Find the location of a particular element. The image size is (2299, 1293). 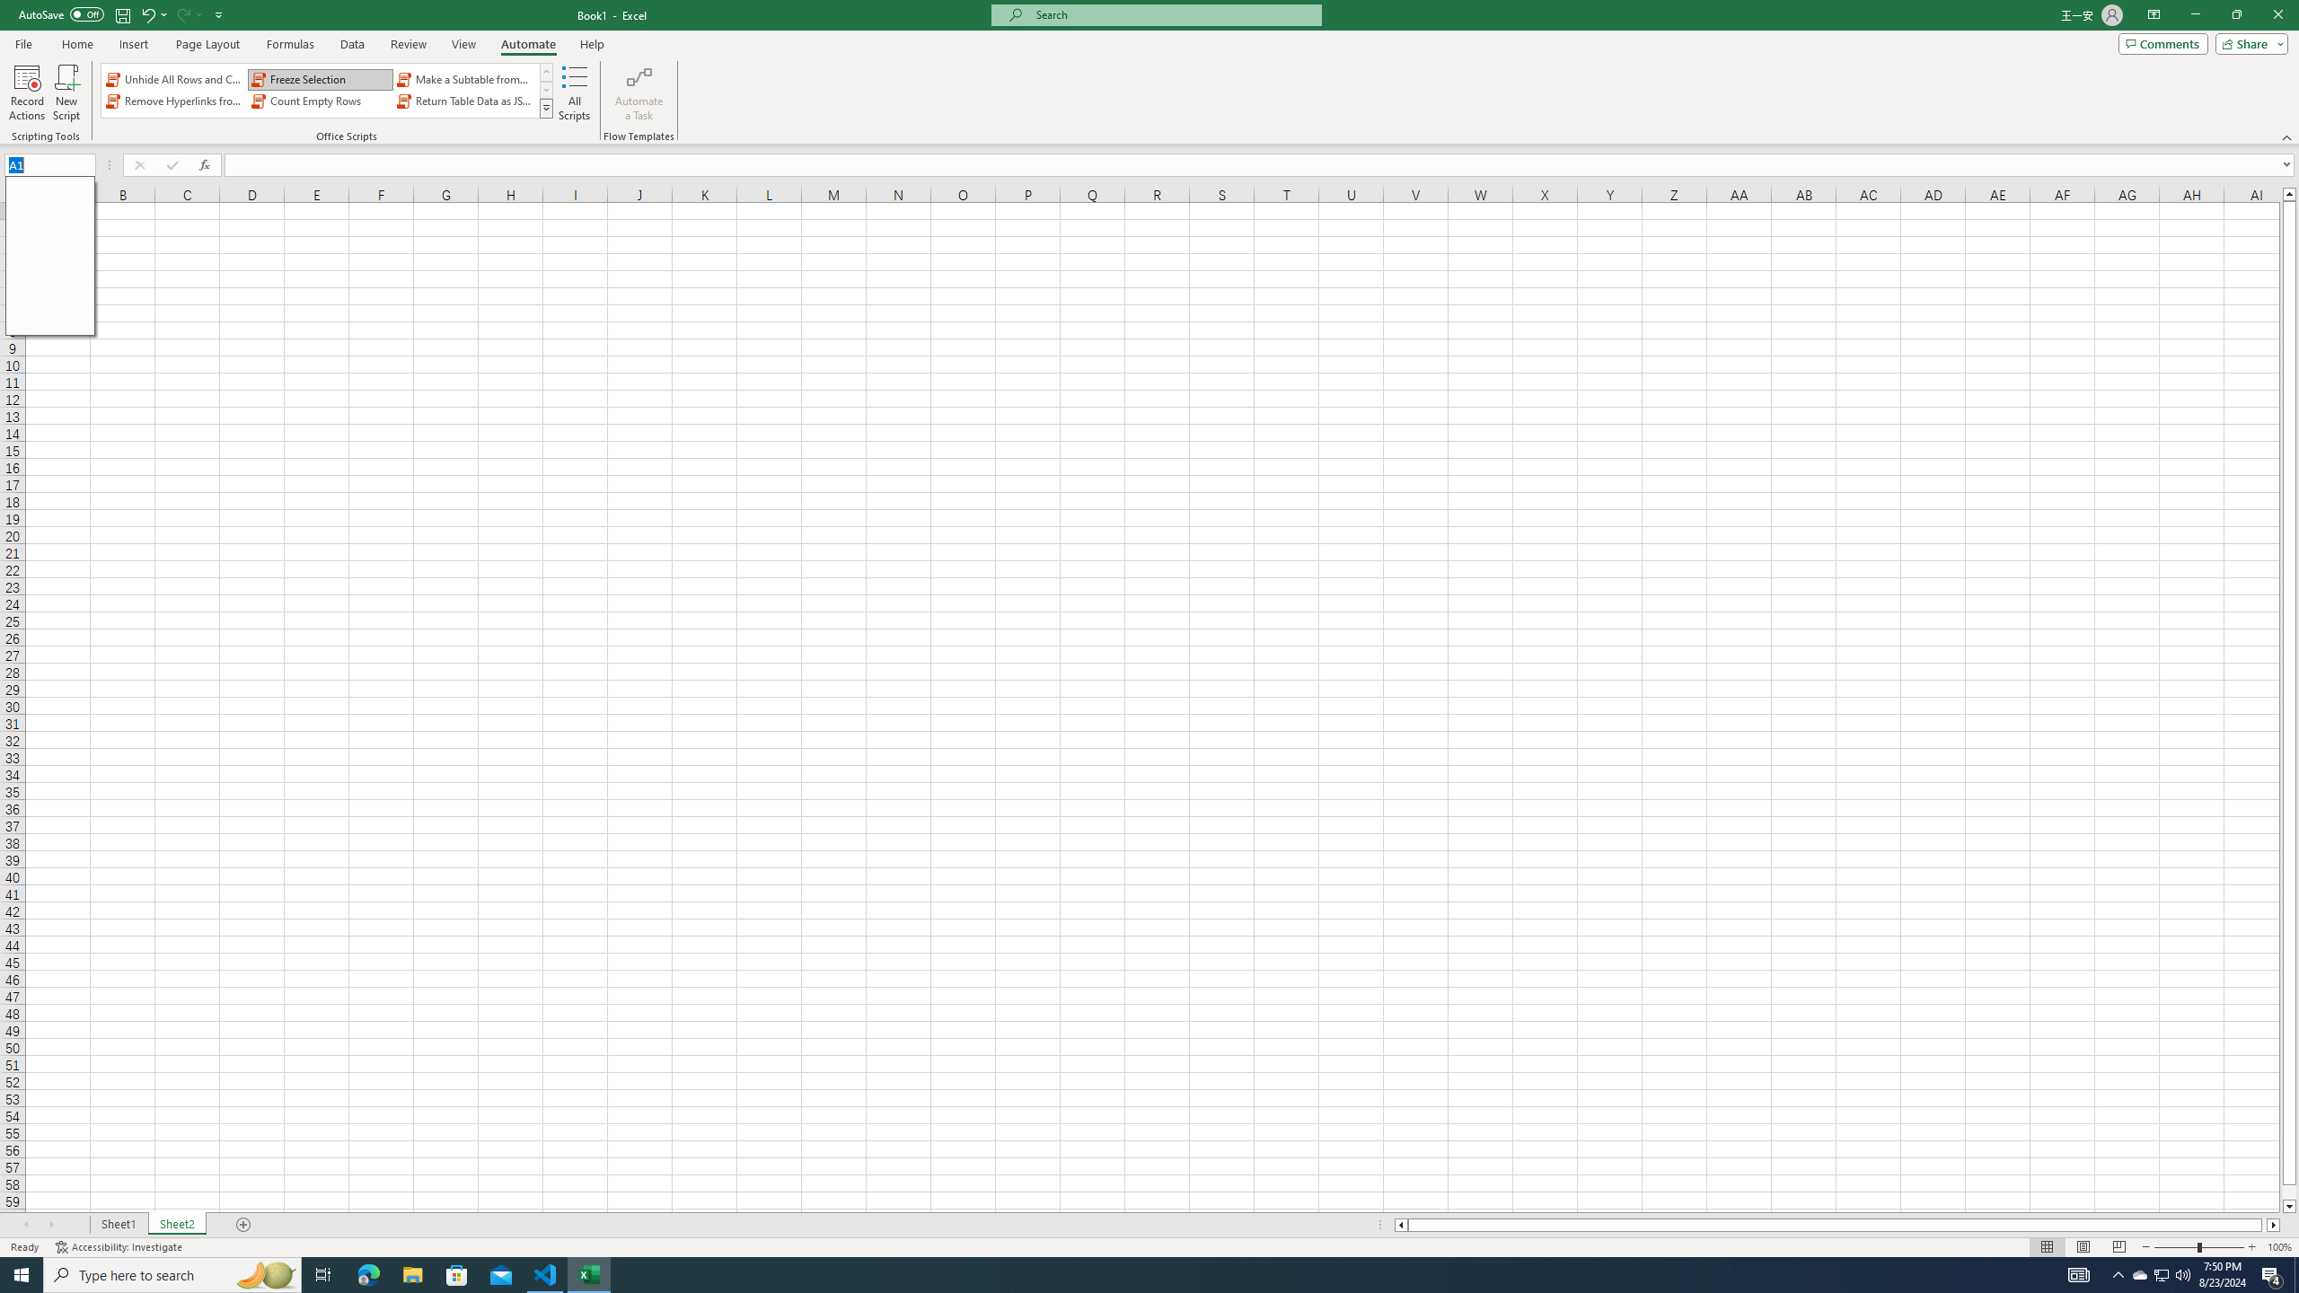

'Accessibility Checker Accessibility: Investigate' is located at coordinates (120, 1247).